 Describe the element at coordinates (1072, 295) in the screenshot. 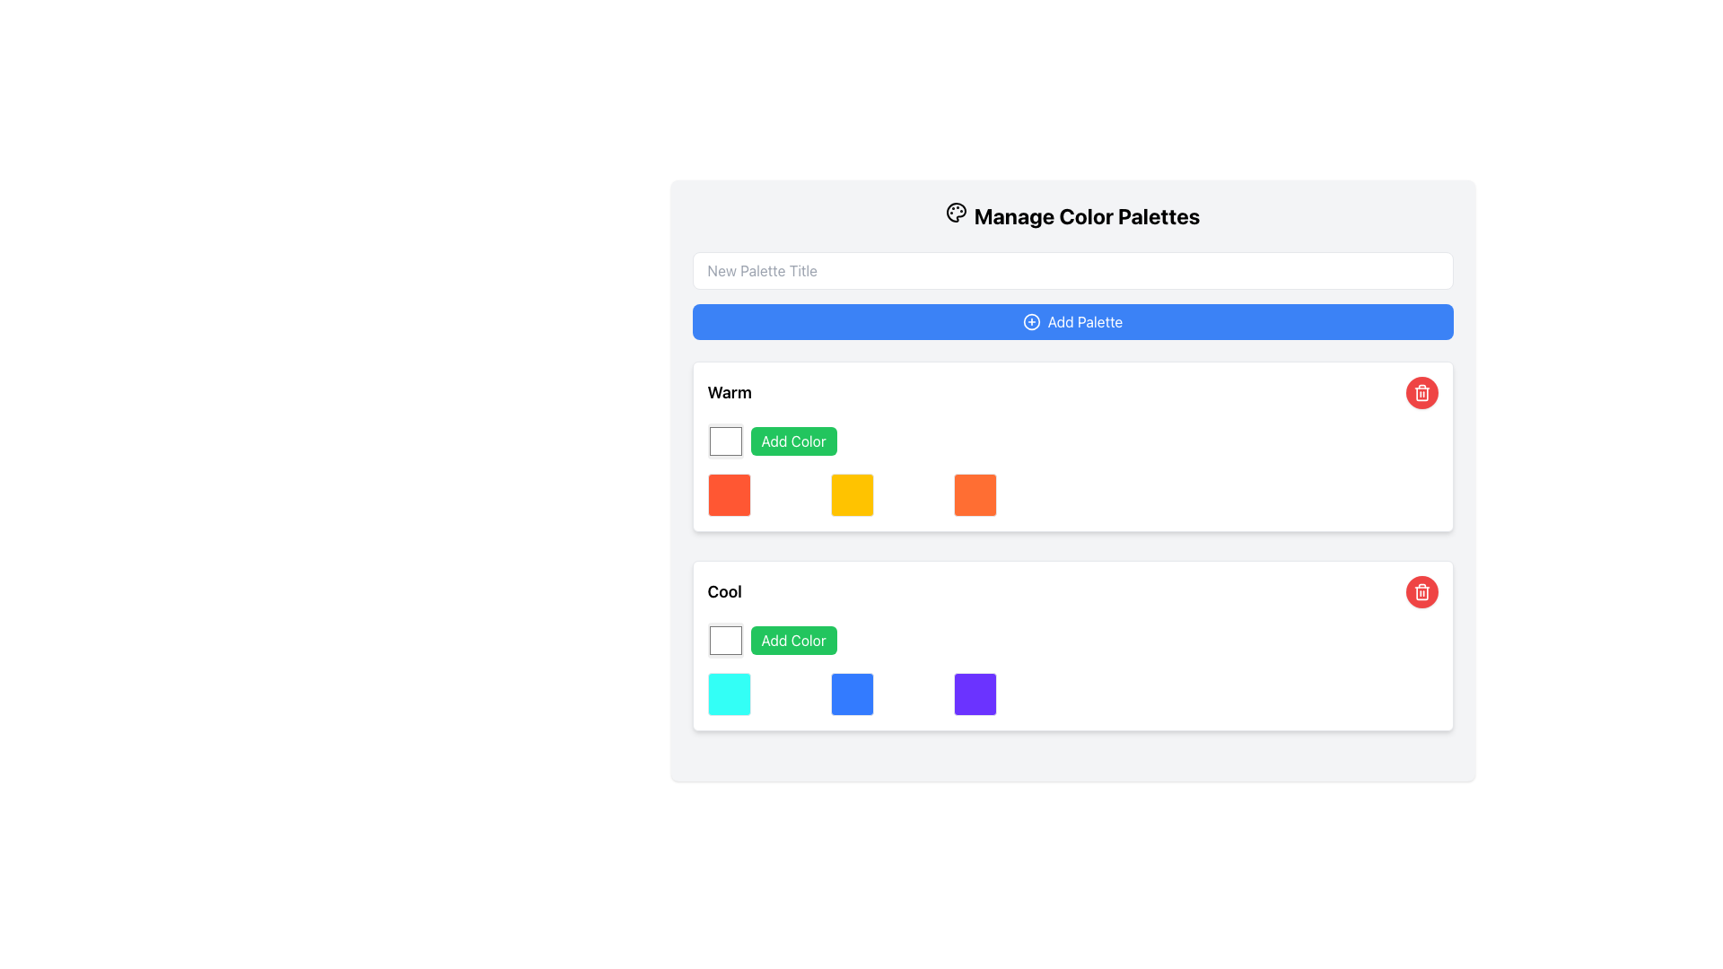

I see `the 'Add Palette' button located in the 'Manage Color Palettes' panel` at that location.